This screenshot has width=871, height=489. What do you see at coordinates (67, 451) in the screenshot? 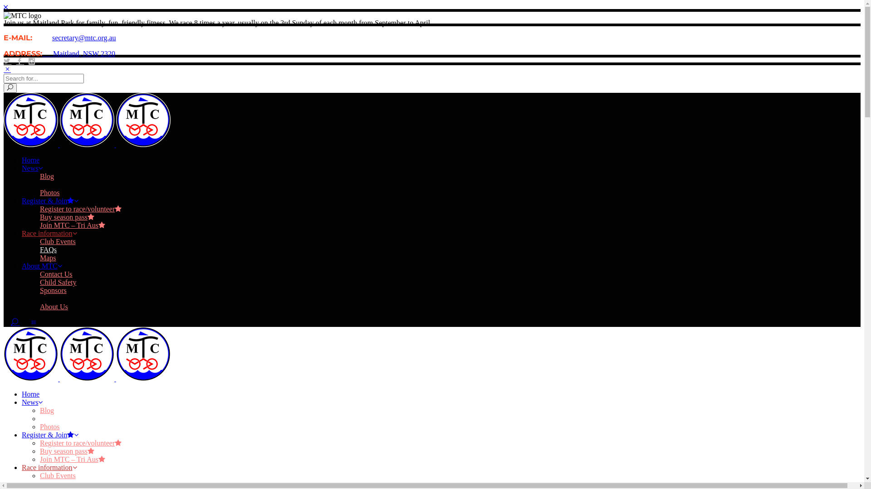
I see `'Buy season pass'` at bounding box center [67, 451].